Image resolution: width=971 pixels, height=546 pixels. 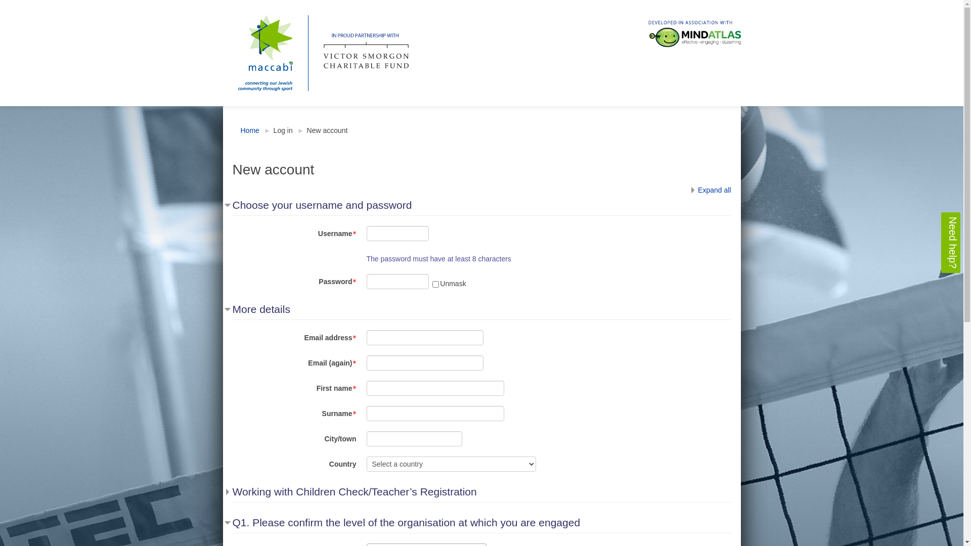 I want to click on 'Expand all', so click(x=709, y=190).